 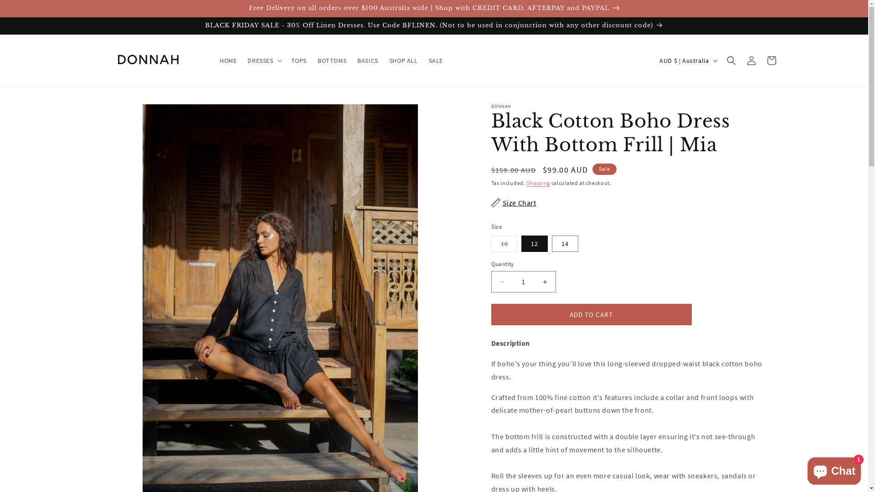 I want to click on 'Log in', so click(x=741, y=60).